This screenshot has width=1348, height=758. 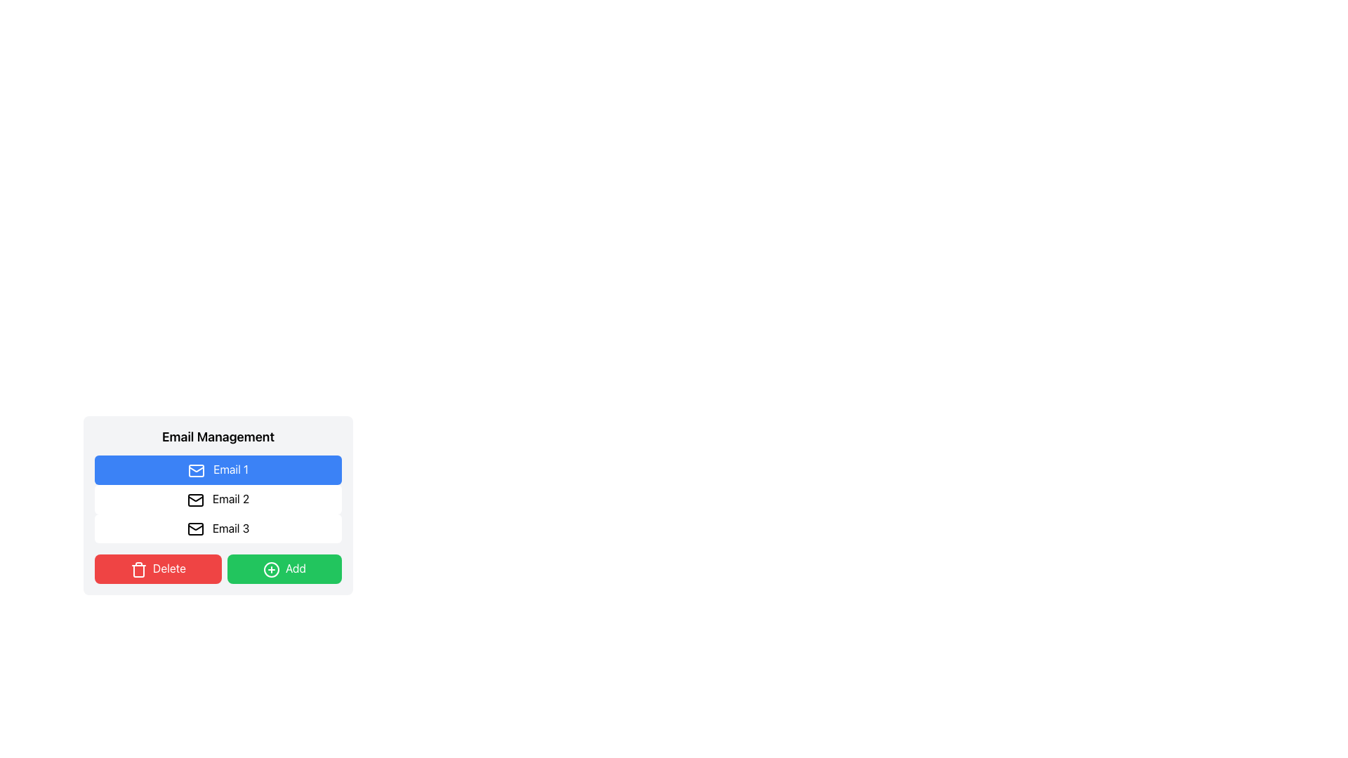 What do you see at coordinates (195, 469) in the screenshot?
I see `the envelope icon part that symbolizes an email item, located to the left of the text 'Email 1' in the first list item` at bounding box center [195, 469].